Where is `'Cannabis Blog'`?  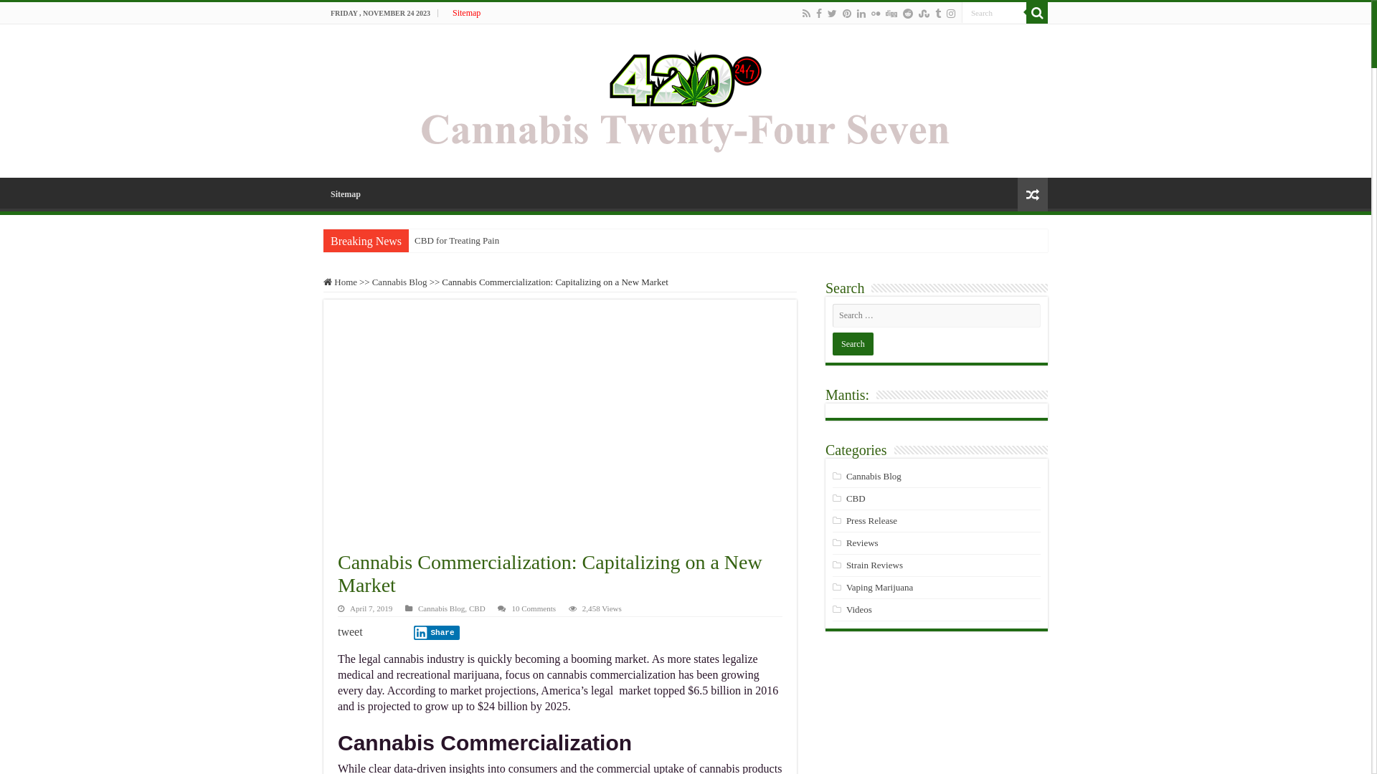 'Cannabis Blog' is located at coordinates (846, 476).